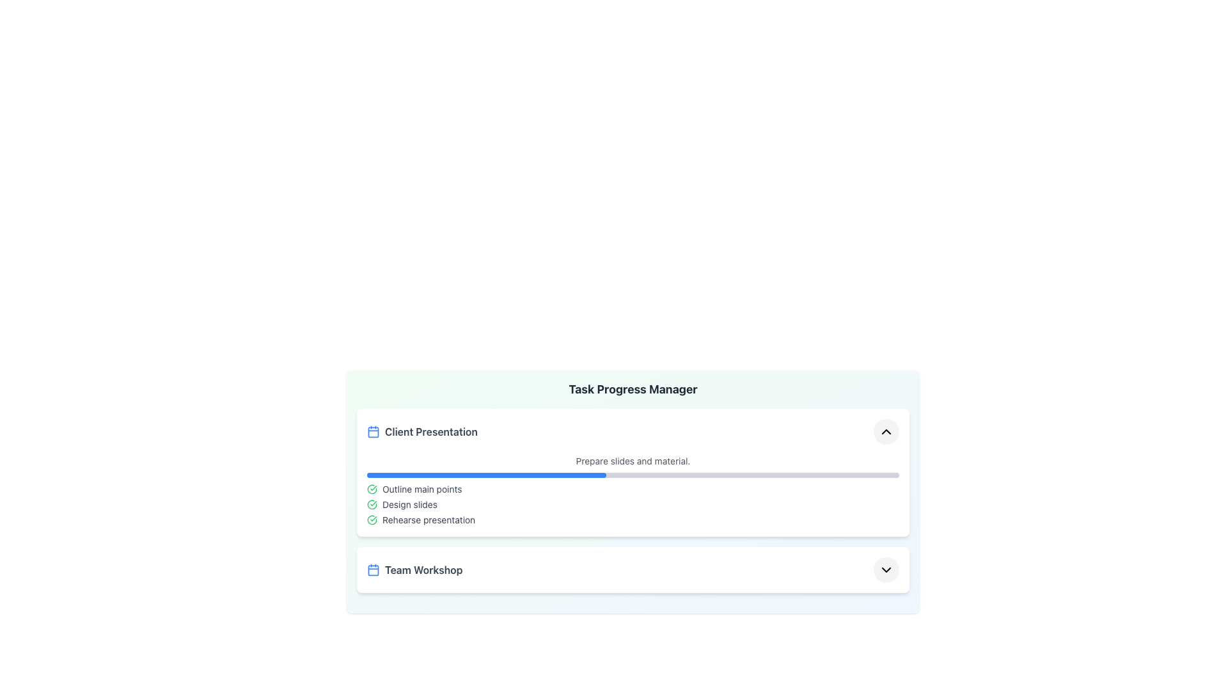 The image size is (1228, 691). What do you see at coordinates (633, 504) in the screenshot?
I see `the checklist element containing the tasks 'Outline main points,' 'Design slides,' and 'Rehearse presentation,' located` at bounding box center [633, 504].